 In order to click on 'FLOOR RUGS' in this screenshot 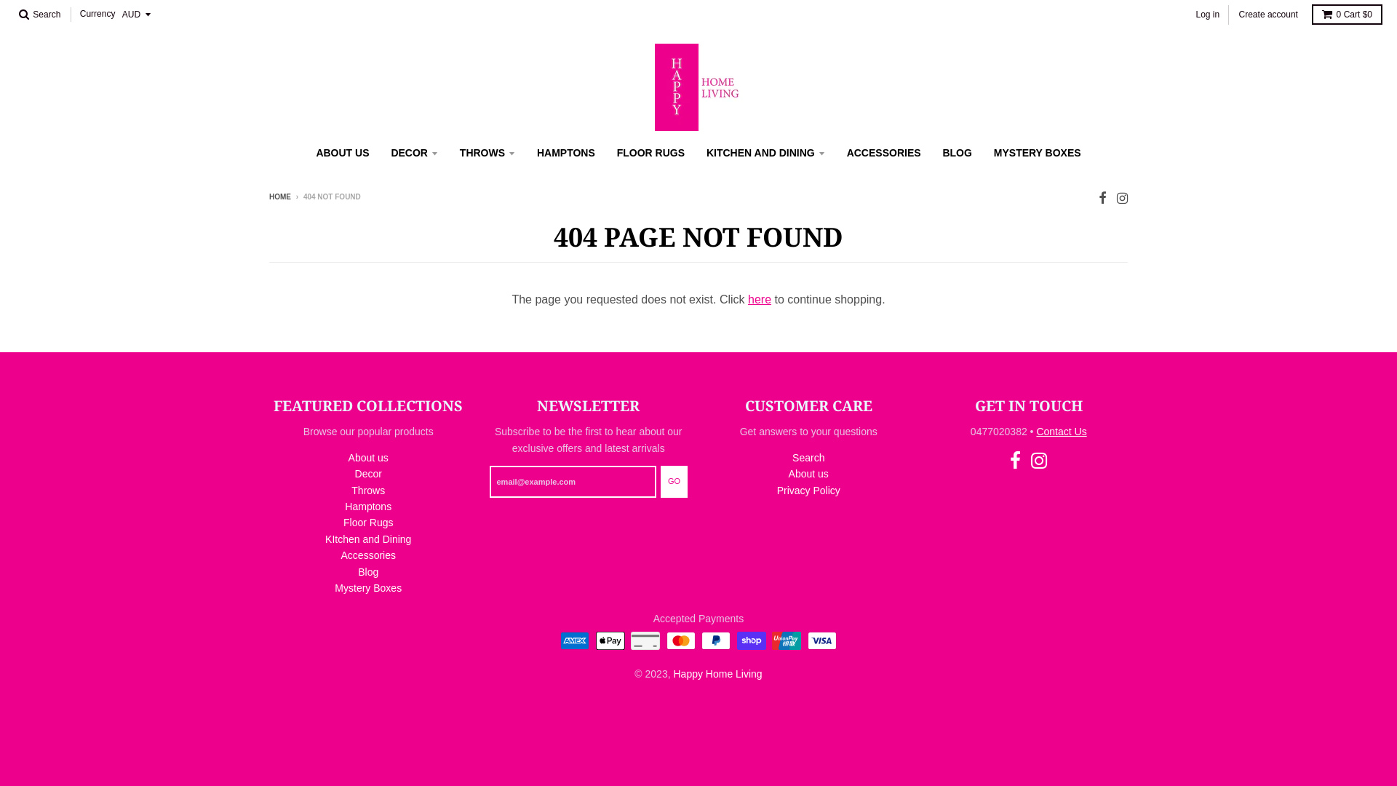, I will do `click(650, 152)`.